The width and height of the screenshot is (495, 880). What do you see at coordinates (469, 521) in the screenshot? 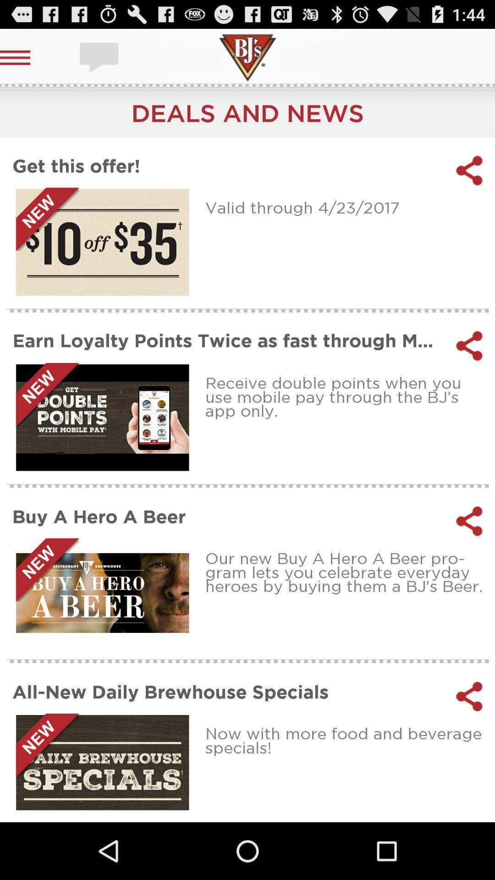
I see `click on share button where buy a hero a beer is written` at bounding box center [469, 521].